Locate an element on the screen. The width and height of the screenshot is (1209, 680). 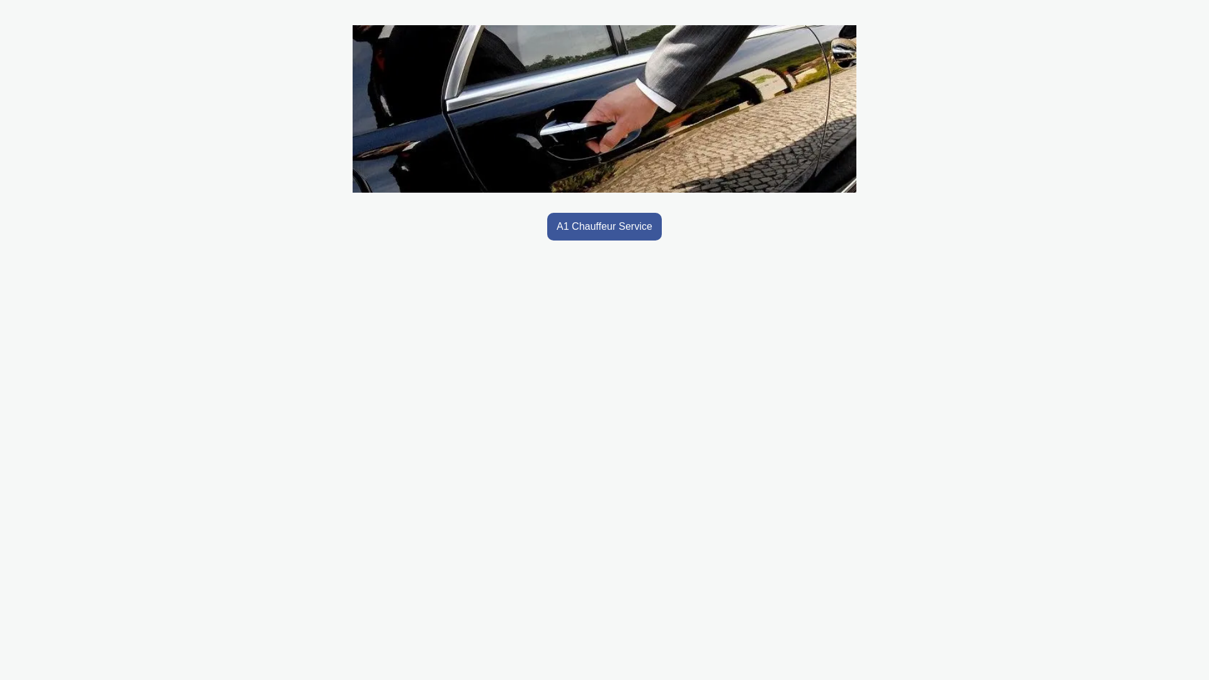
'A1 Chauffeur Service' is located at coordinates (547, 225).